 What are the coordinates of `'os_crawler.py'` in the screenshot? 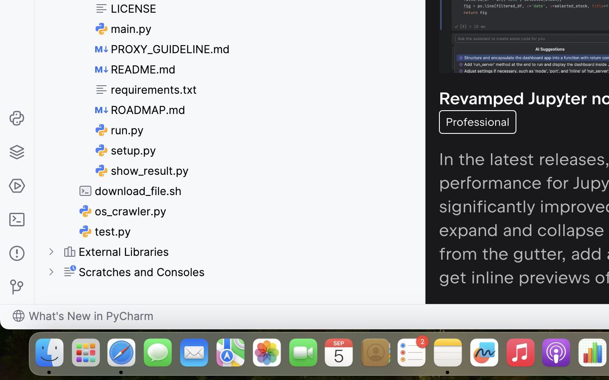 It's located at (123, 211).